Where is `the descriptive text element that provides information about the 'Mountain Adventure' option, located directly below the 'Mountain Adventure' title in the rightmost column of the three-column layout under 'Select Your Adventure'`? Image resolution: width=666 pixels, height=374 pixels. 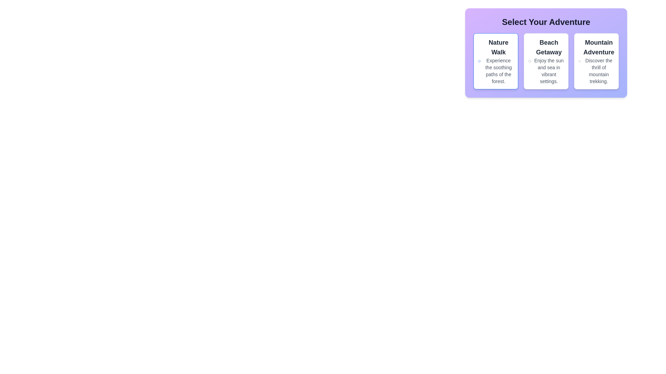 the descriptive text element that provides information about the 'Mountain Adventure' option, located directly below the 'Mountain Adventure' title in the rightmost column of the three-column layout under 'Select Your Adventure' is located at coordinates (598, 71).